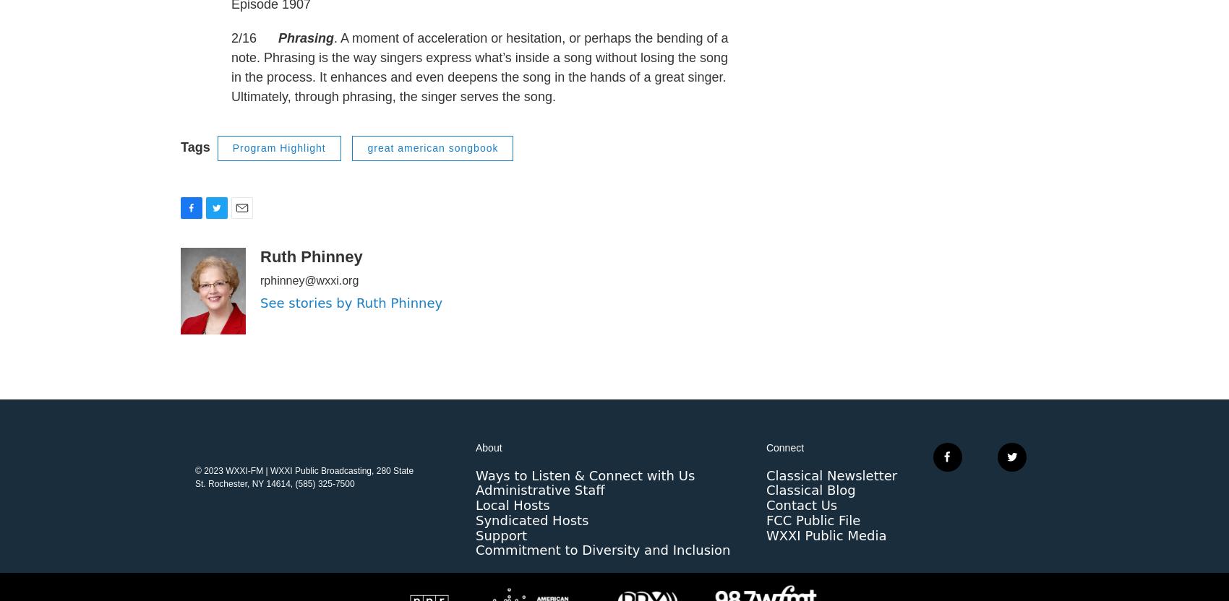 This screenshot has width=1229, height=601. What do you see at coordinates (476, 578) in the screenshot?
I see `'Commitment to Diversity and Inclusion'` at bounding box center [476, 578].